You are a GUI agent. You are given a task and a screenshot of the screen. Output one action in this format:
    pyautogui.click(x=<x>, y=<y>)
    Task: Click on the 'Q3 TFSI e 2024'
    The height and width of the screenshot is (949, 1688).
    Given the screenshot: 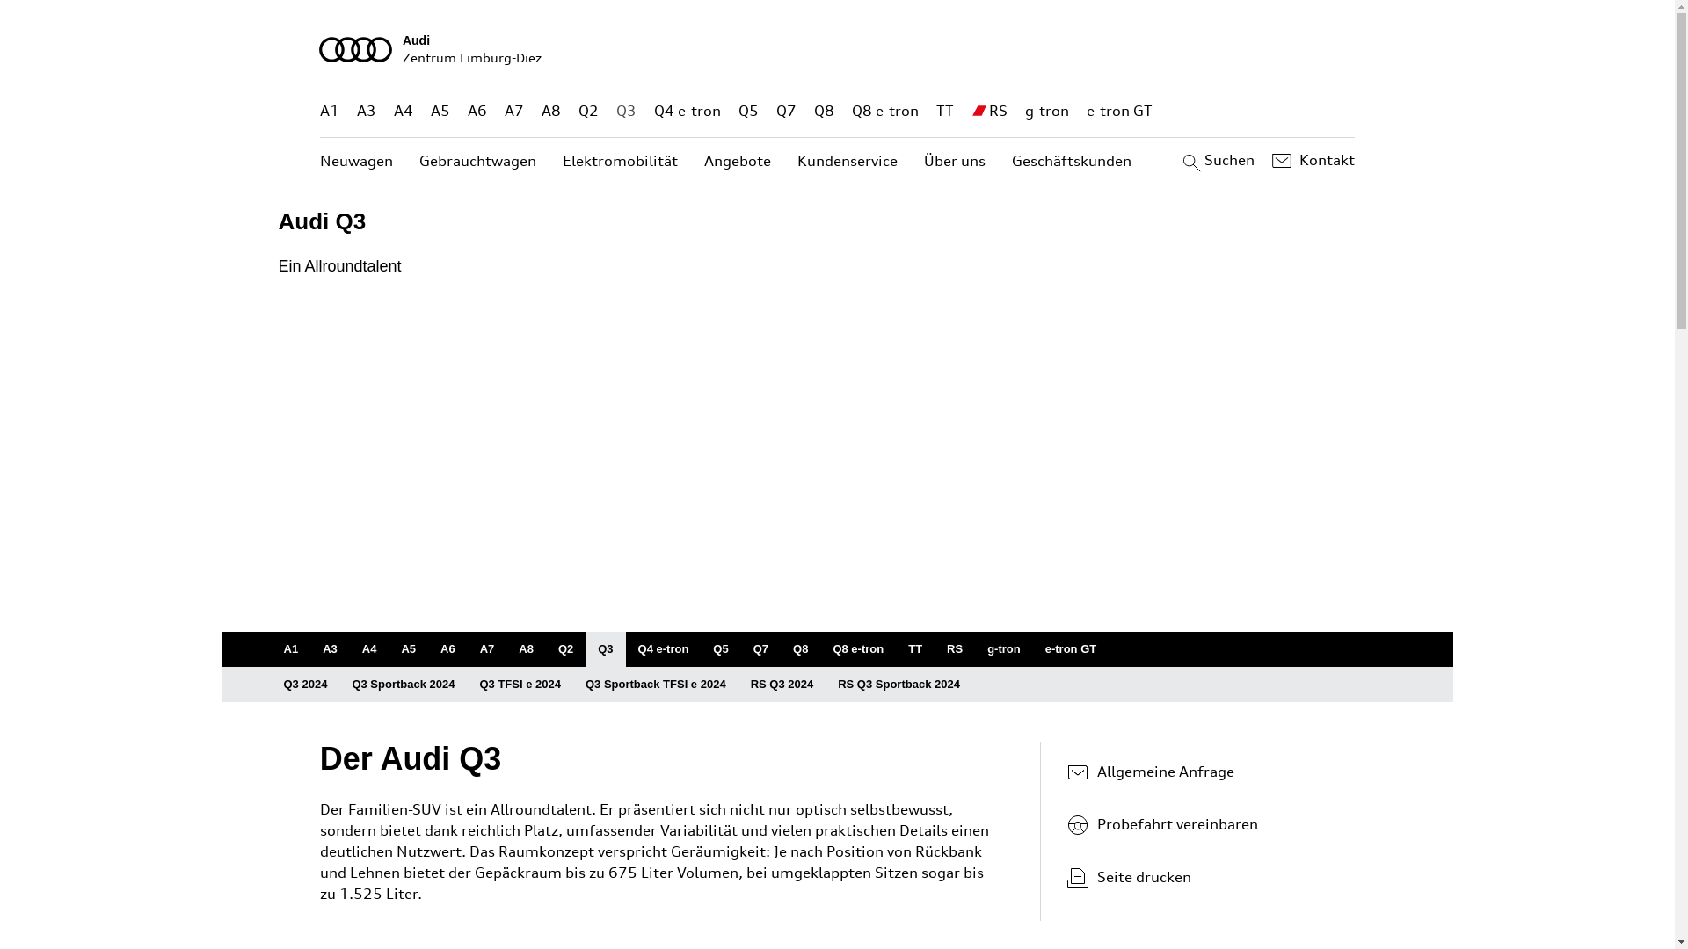 What is the action you would take?
    pyautogui.click(x=467, y=684)
    